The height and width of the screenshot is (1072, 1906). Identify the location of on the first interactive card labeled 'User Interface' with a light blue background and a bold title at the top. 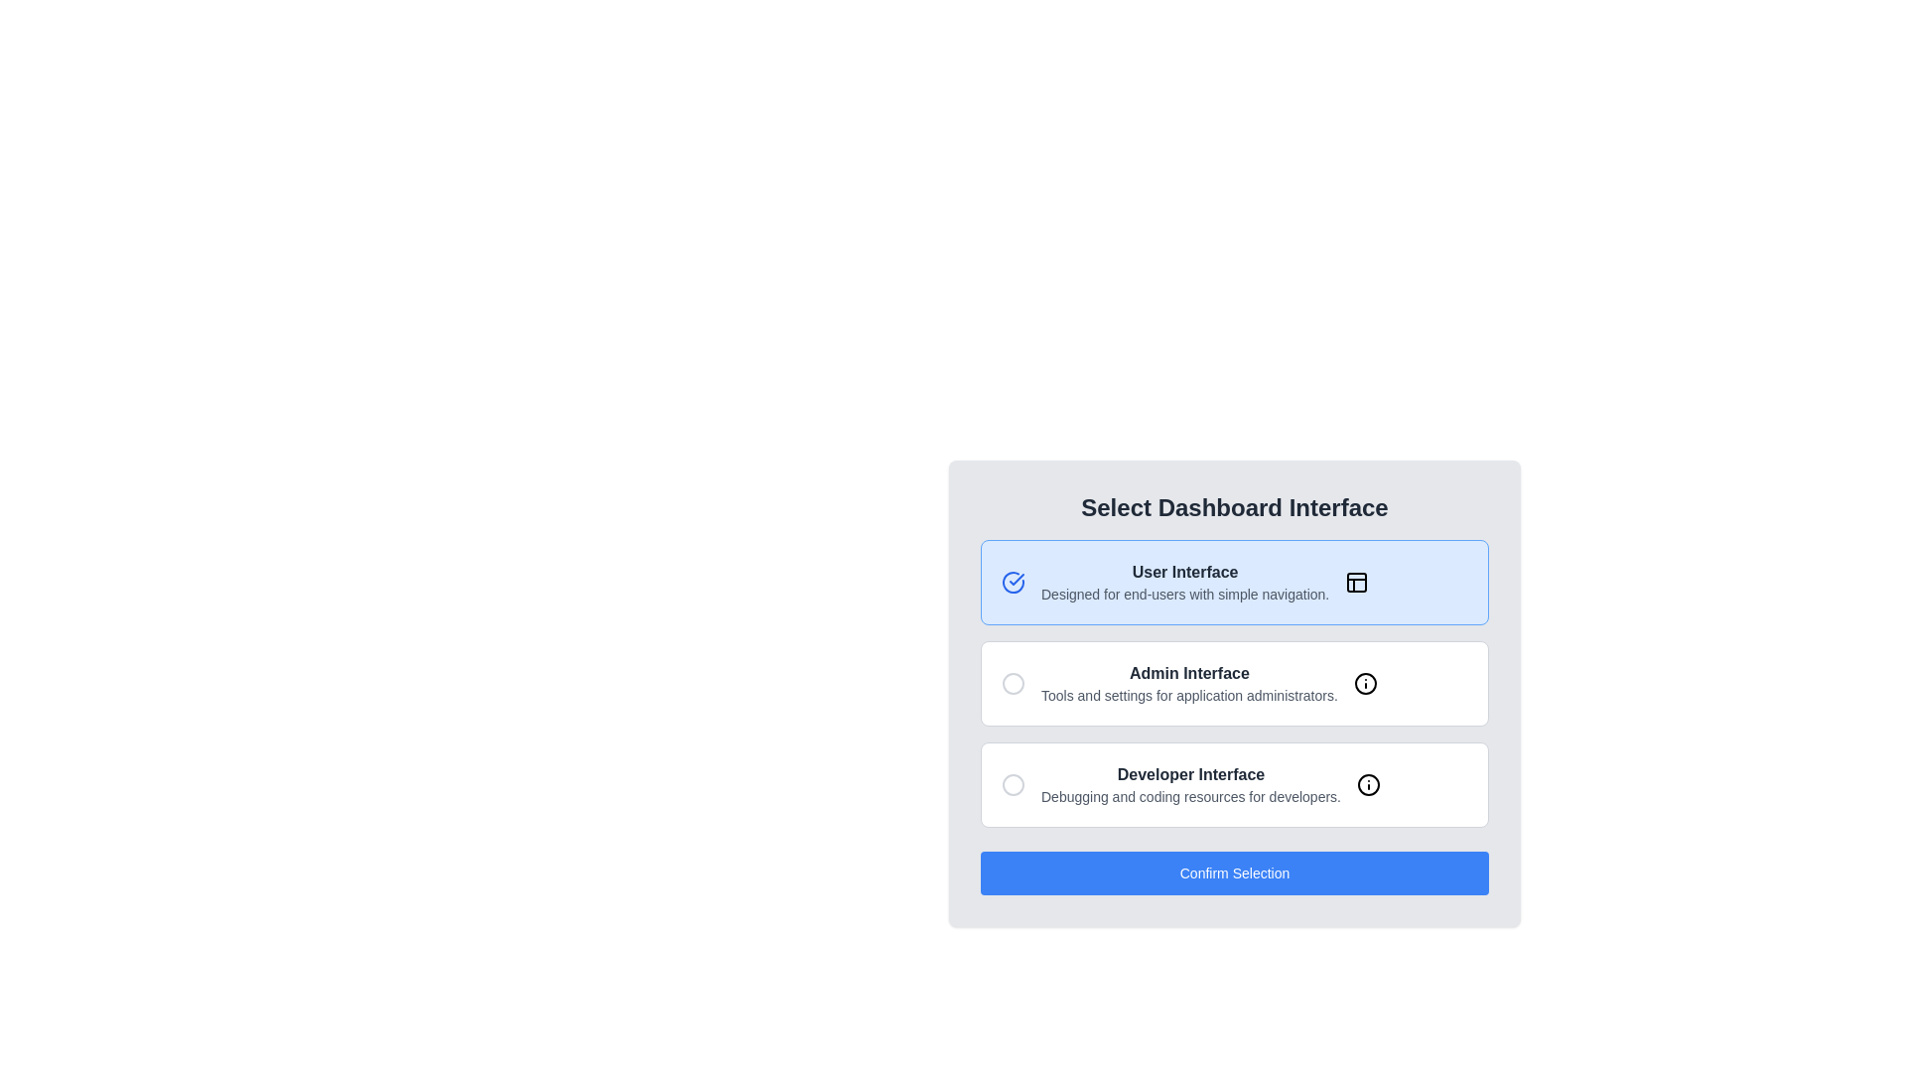
(1233, 581).